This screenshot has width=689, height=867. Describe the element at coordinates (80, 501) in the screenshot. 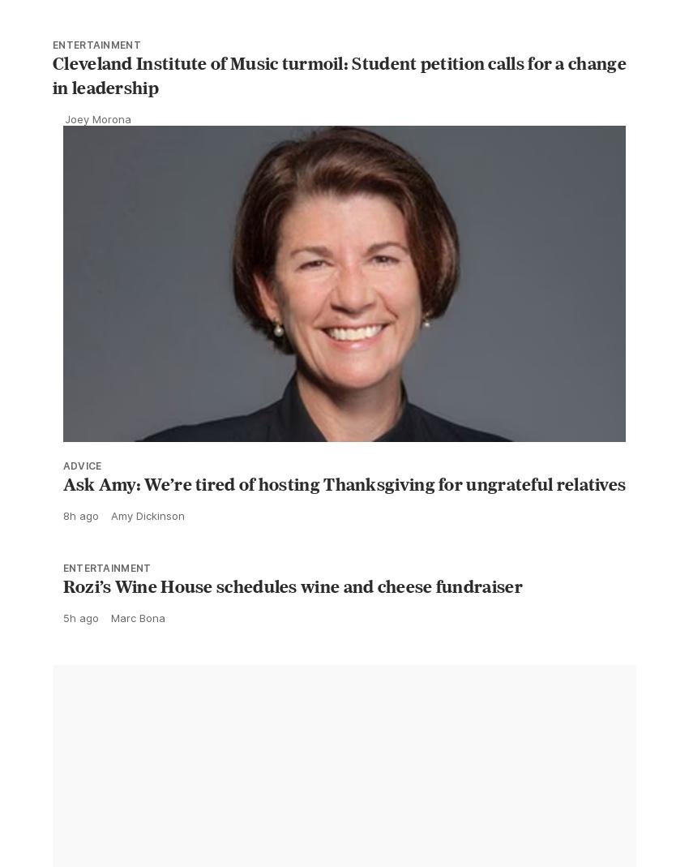

I see `'Advice'` at that location.